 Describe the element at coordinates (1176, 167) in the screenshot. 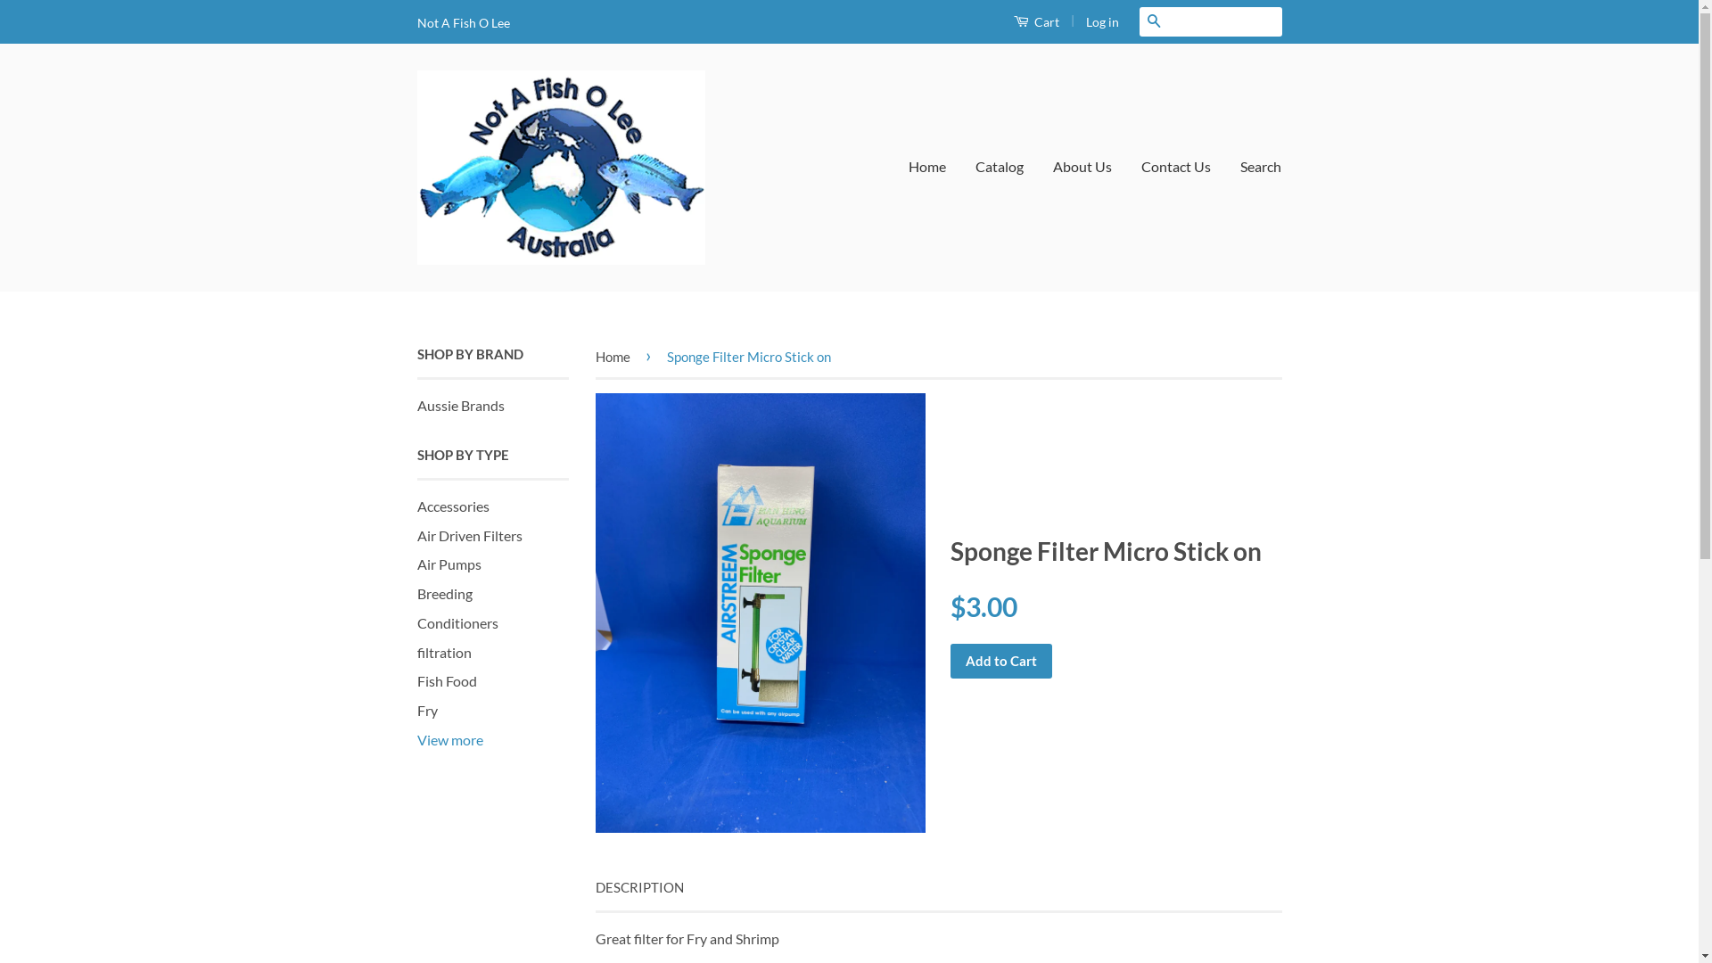

I see `'Contact Us'` at that location.